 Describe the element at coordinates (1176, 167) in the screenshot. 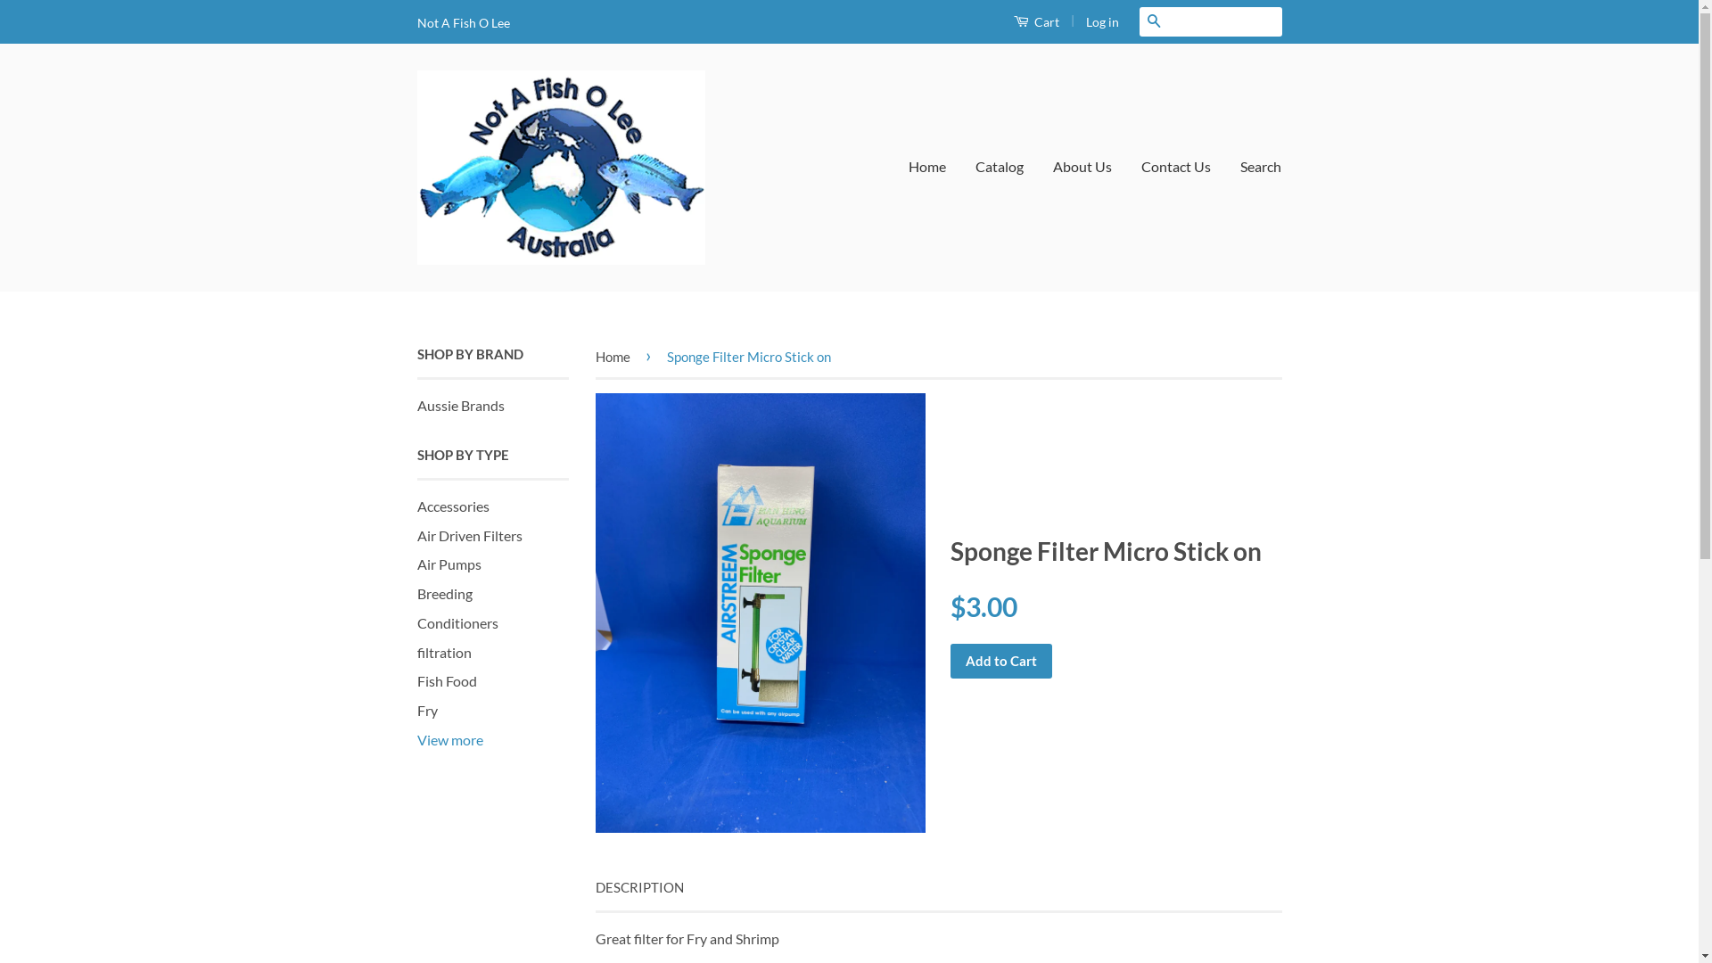

I see `'Contact Us'` at that location.